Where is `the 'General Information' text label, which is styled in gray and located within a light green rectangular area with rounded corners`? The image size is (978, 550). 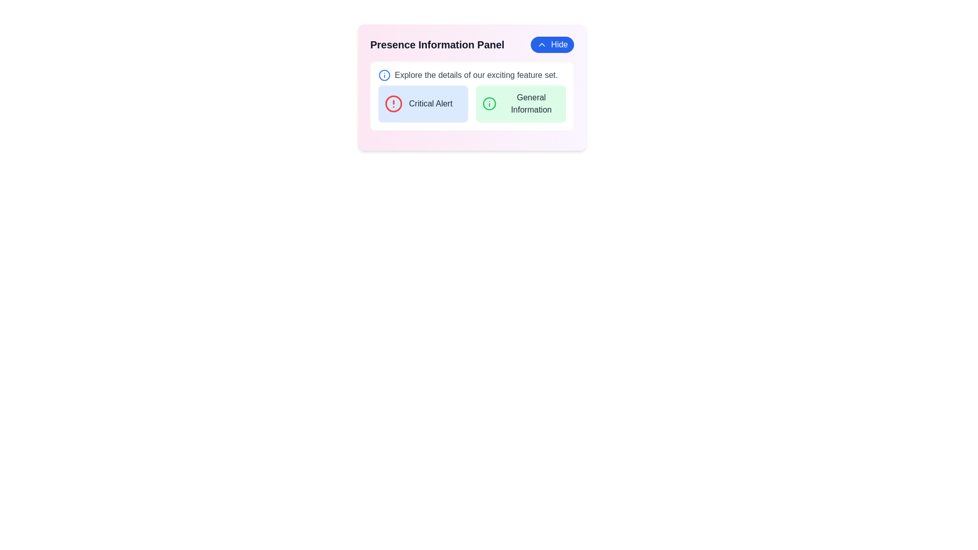 the 'General Information' text label, which is styled in gray and located within a light green rectangular area with rounded corners is located at coordinates (531, 104).